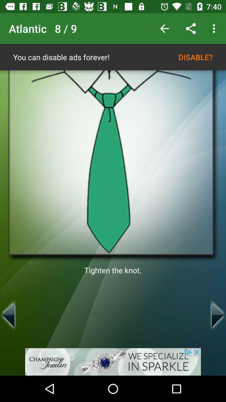  I want to click on the second icon which is at the top right of the page, so click(191, 28).